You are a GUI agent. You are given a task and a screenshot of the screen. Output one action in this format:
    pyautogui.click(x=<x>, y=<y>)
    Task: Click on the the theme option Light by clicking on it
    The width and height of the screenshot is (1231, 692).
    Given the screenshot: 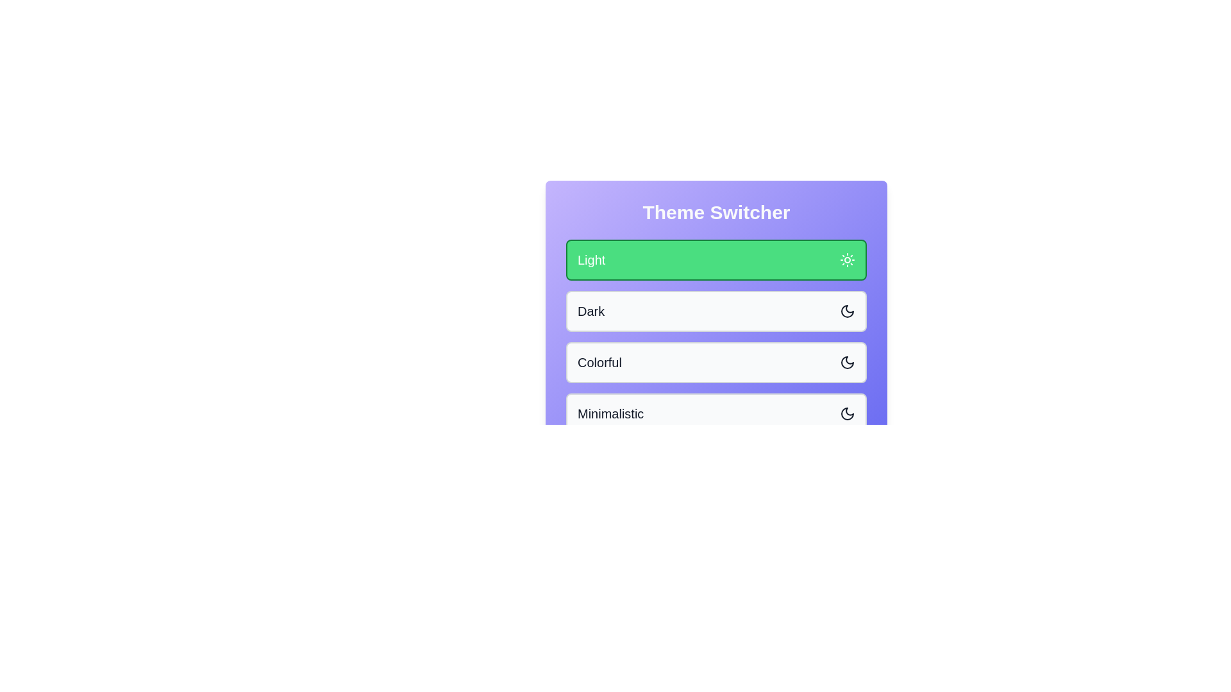 What is the action you would take?
    pyautogui.click(x=716, y=259)
    